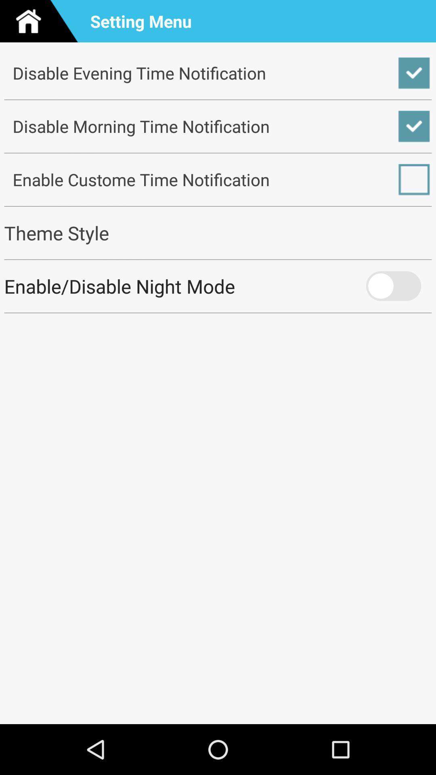 The width and height of the screenshot is (436, 775). What do you see at coordinates (218, 232) in the screenshot?
I see `the theme style icon` at bounding box center [218, 232].